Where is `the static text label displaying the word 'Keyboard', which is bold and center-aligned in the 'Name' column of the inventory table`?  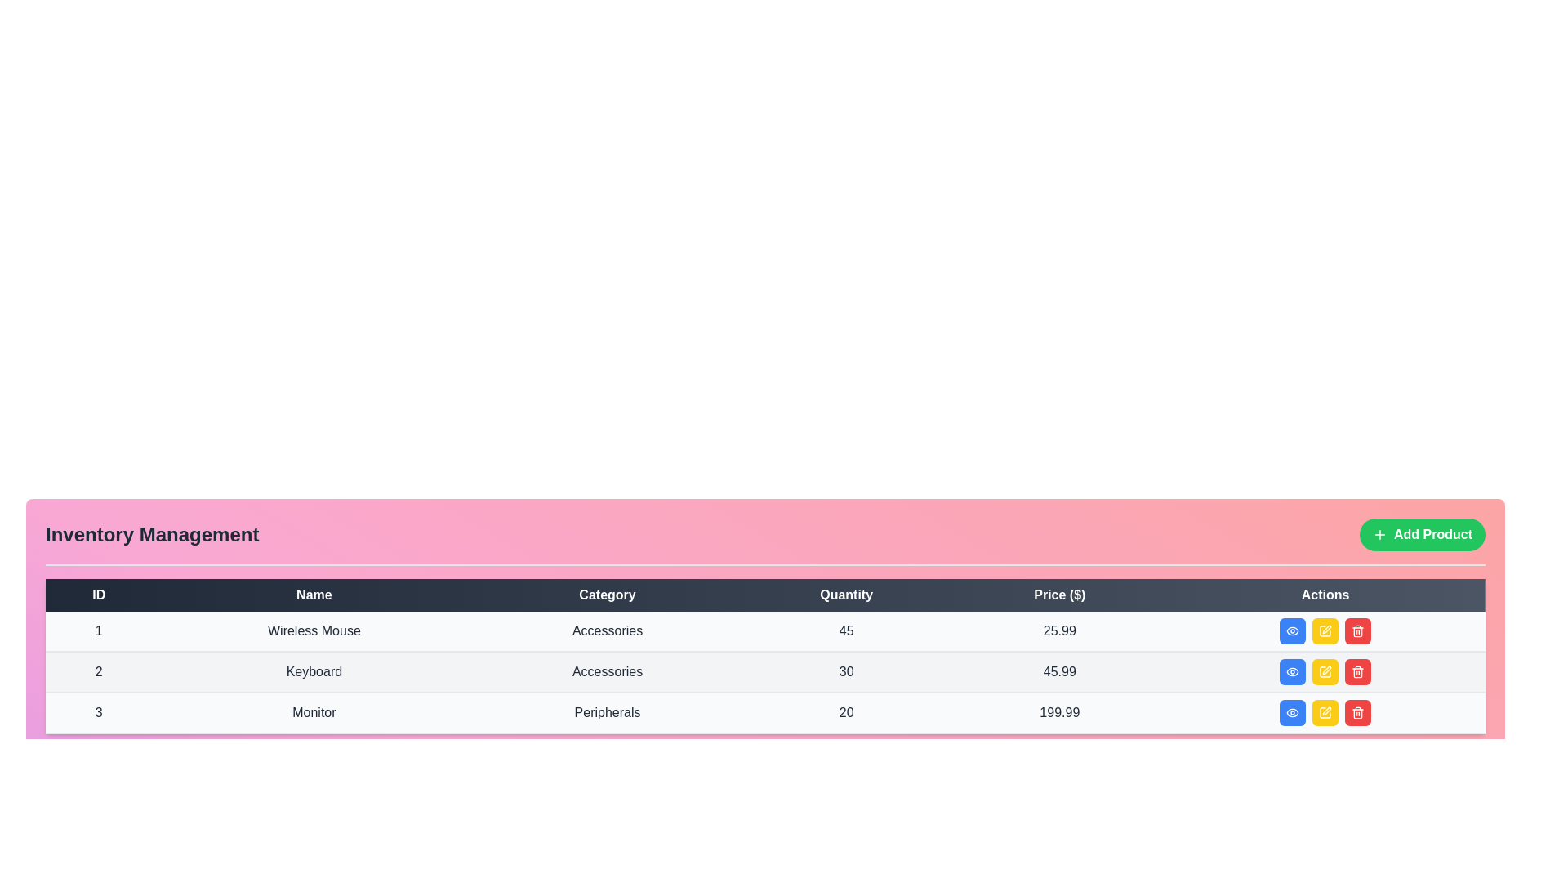
the static text label displaying the word 'Keyboard', which is bold and center-aligned in the 'Name' column of the inventory table is located at coordinates (314, 671).